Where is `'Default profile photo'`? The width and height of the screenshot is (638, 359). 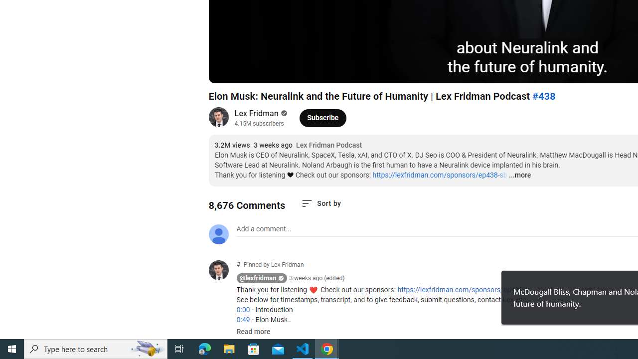 'Default profile photo' is located at coordinates (218, 234).